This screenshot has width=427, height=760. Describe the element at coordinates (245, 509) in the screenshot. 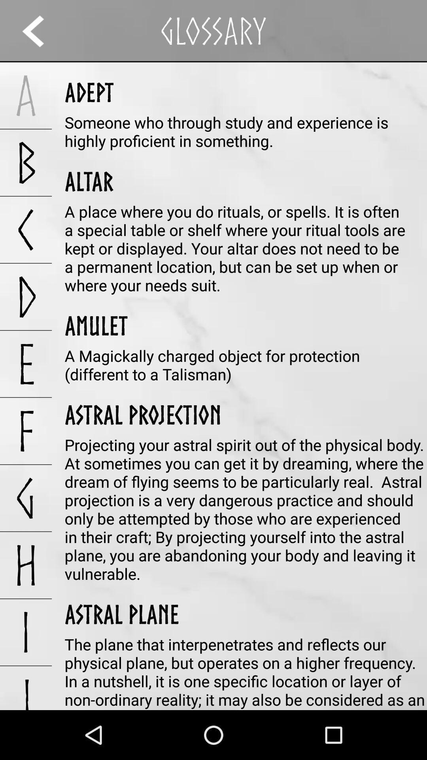

I see `the projecting your astral icon` at that location.